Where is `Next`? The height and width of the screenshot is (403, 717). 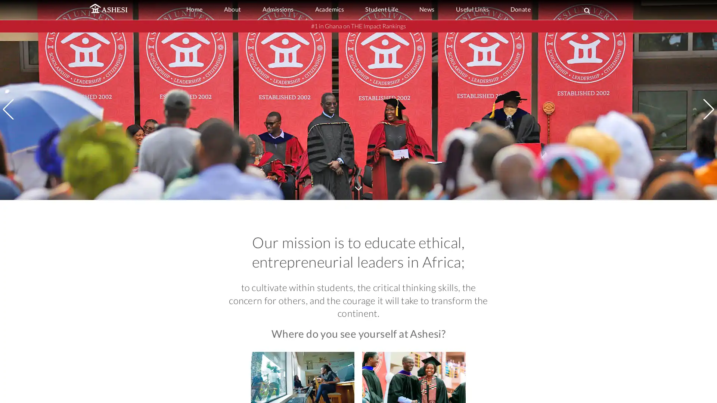
Next is located at coordinates (703, 210).